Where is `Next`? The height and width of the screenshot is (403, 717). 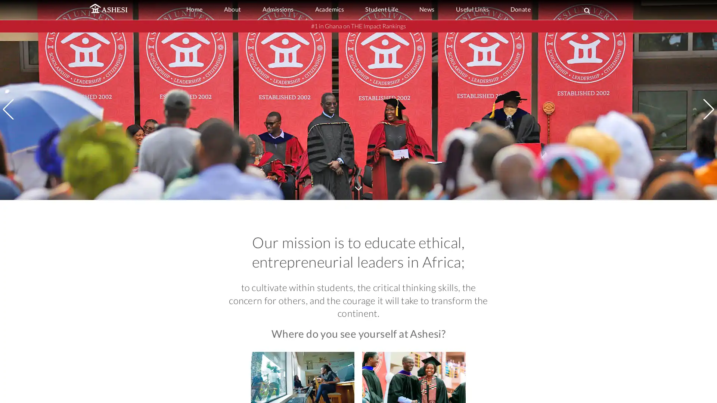
Next is located at coordinates (703, 210).